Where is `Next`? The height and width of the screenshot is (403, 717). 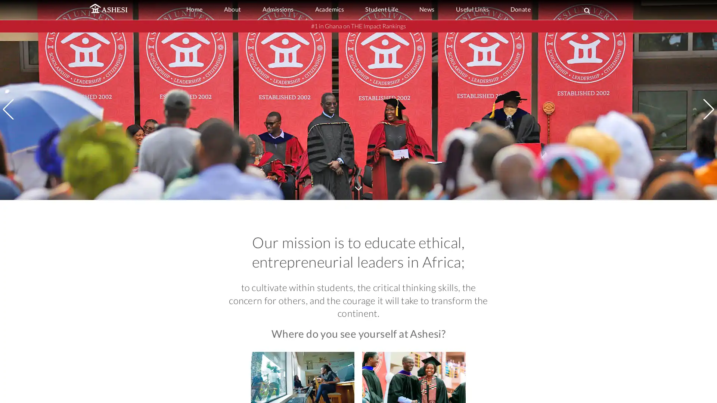
Next is located at coordinates (703, 210).